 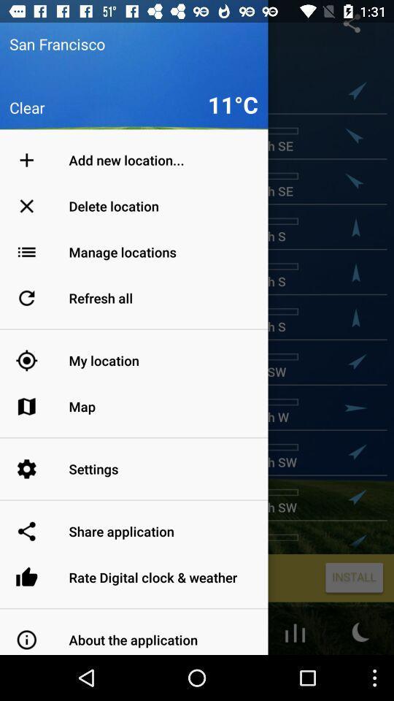 I want to click on the weather icon, so click(x=360, y=675).